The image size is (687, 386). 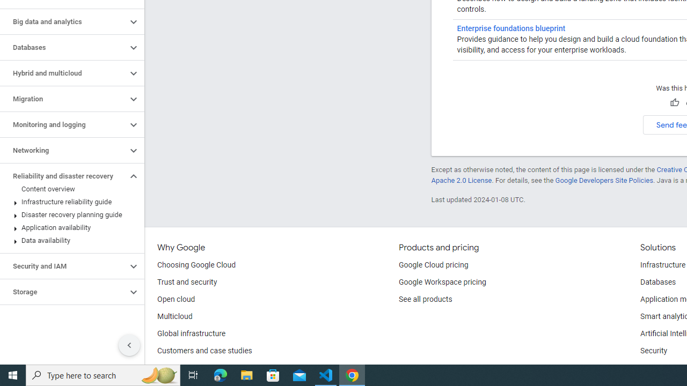 What do you see at coordinates (69, 215) in the screenshot?
I see `'Disaster recovery planning guide'` at bounding box center [69, 215].